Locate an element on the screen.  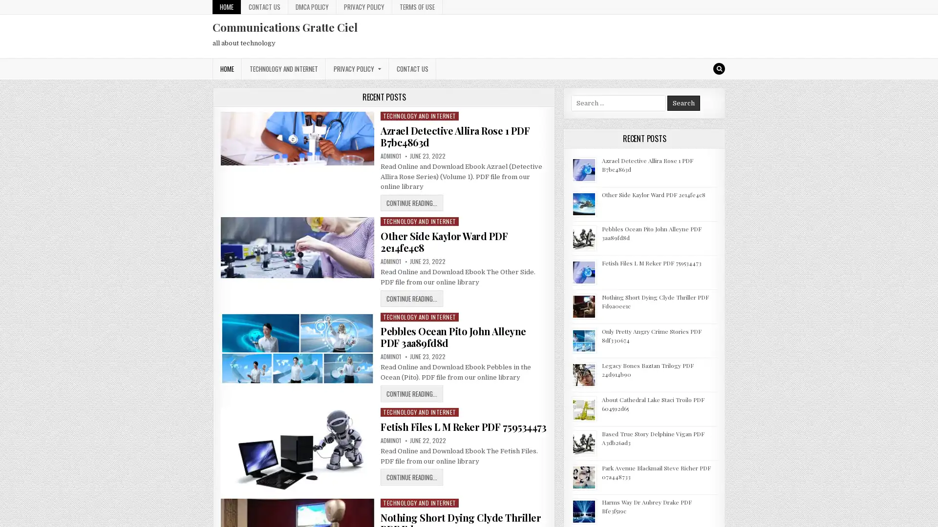
Search is located at coordinates (683, 103).